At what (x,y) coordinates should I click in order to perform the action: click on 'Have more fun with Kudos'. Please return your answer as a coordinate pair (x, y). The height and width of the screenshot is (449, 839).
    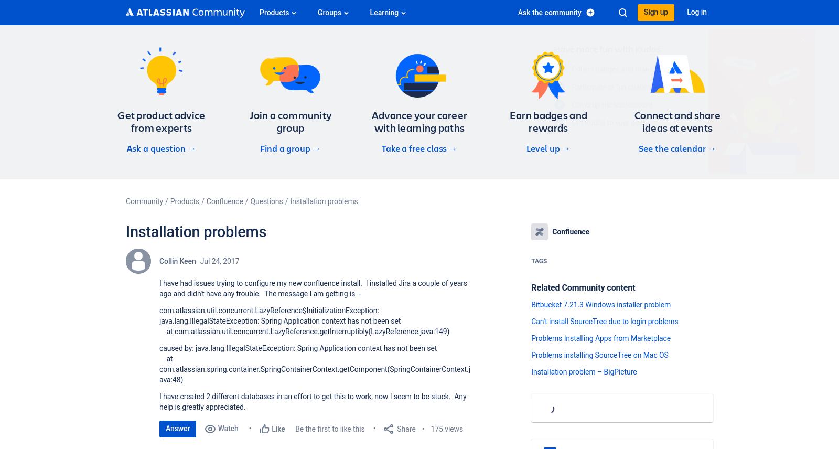
    Looking at the image, I should click on (505, 48).